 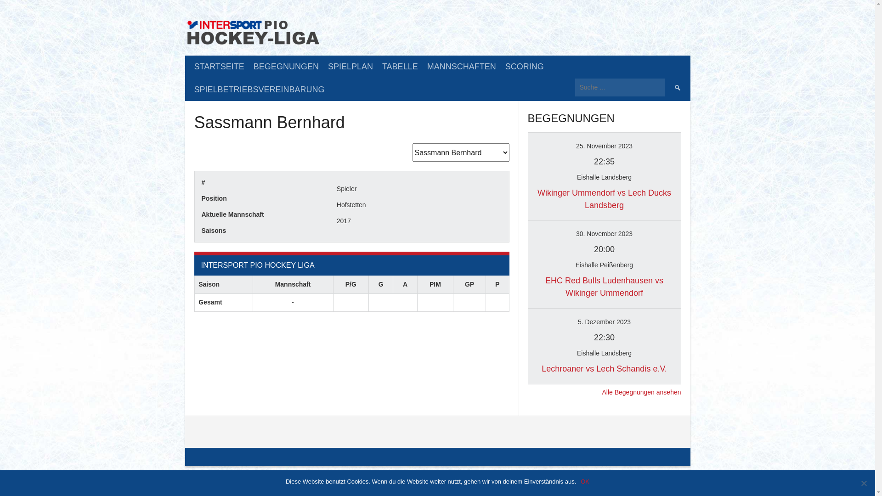 What do you see at coordinates (604, 249) in the screenshot?
I see `'20:00'` at bounding box center [604, 249].